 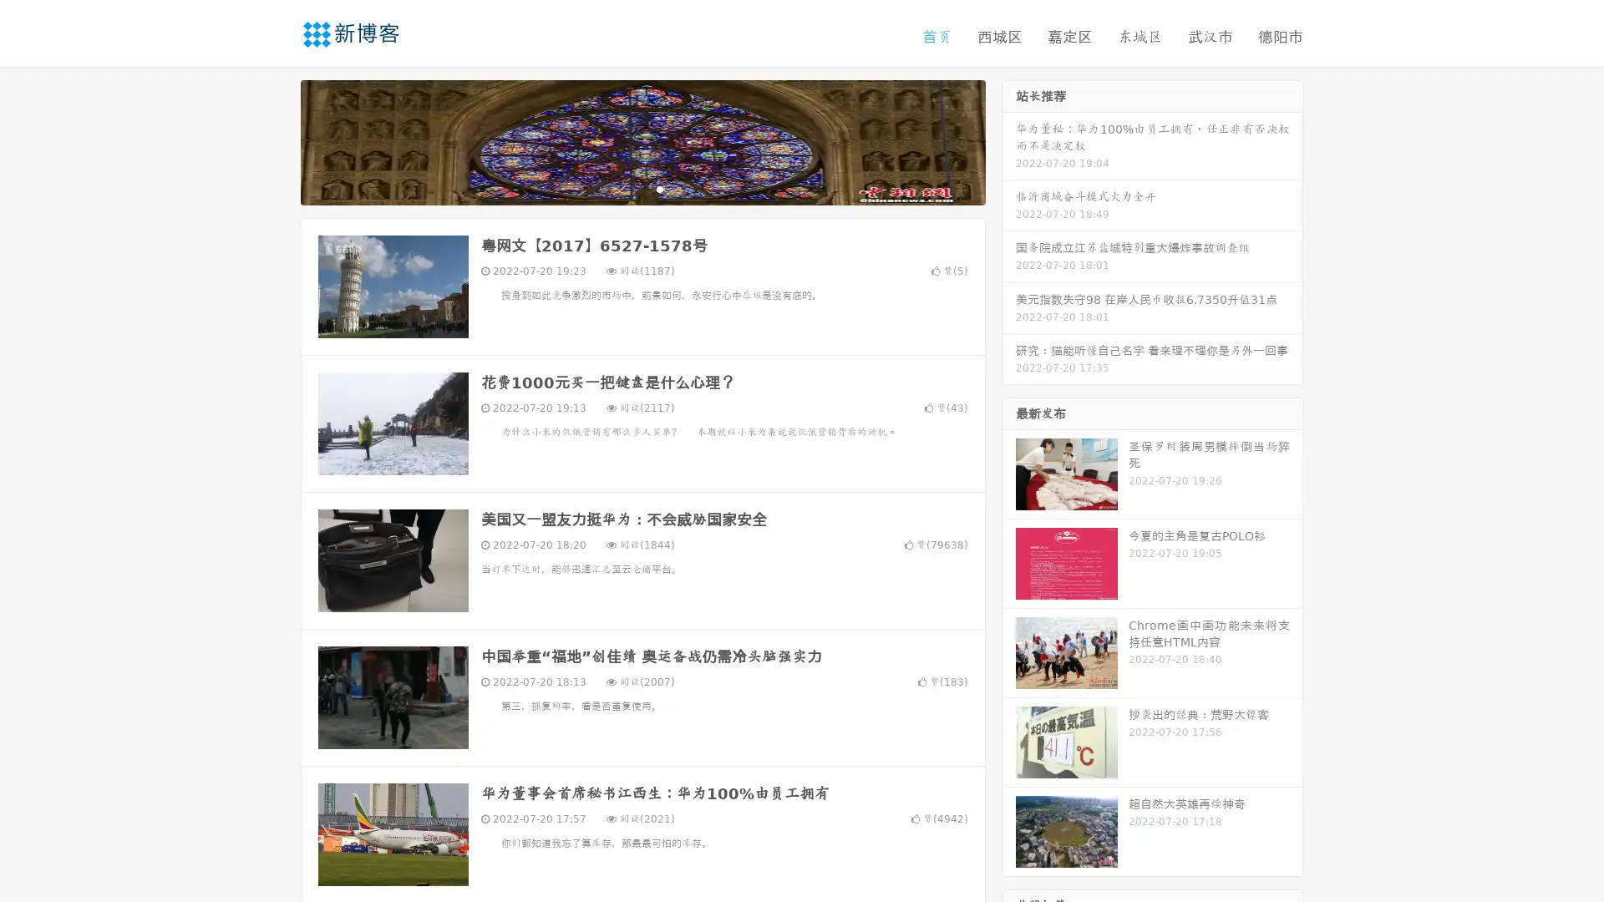 What do you see at coordinates (625, 188) in the screenshot?
I see `Go to slide 1` at bounding box center [625, 188].